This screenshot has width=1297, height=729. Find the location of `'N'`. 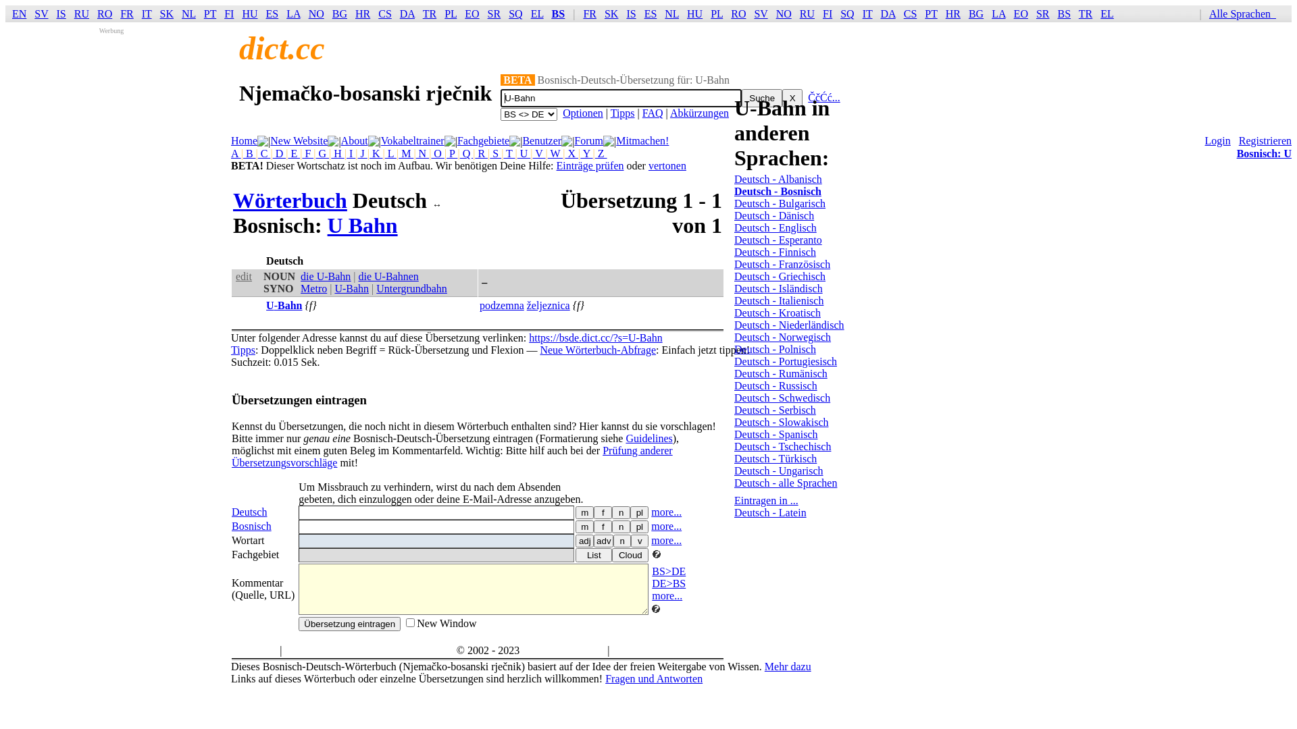

'N' is located at coordinates (422, 153).